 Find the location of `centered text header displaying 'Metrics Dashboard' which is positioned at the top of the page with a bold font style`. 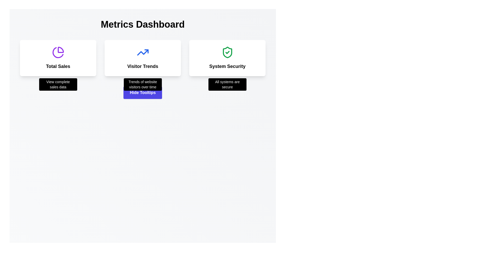

centered text header displaying 'Metrics Dashboard' which is positioned at the top of the page with a bold font style is located at coordinates (143, 25).